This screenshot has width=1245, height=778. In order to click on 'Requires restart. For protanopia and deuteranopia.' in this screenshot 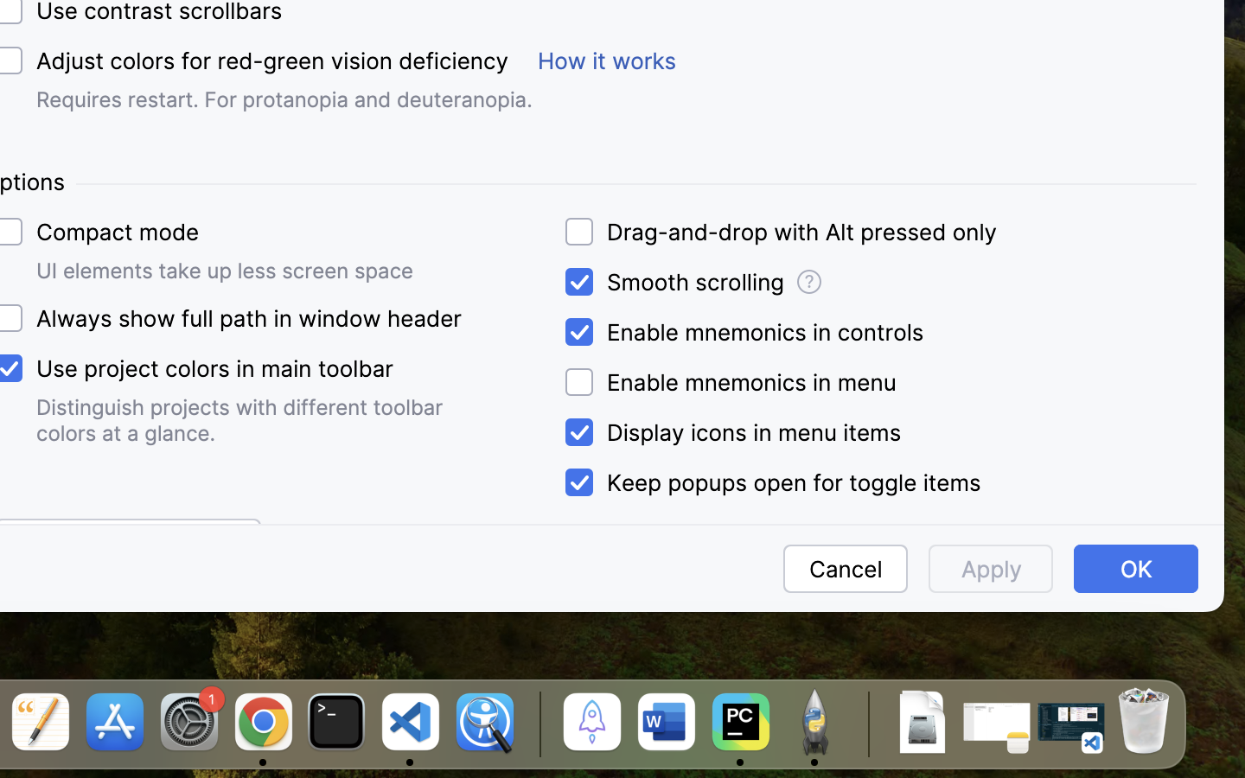, I will do `click(284, 99)`.